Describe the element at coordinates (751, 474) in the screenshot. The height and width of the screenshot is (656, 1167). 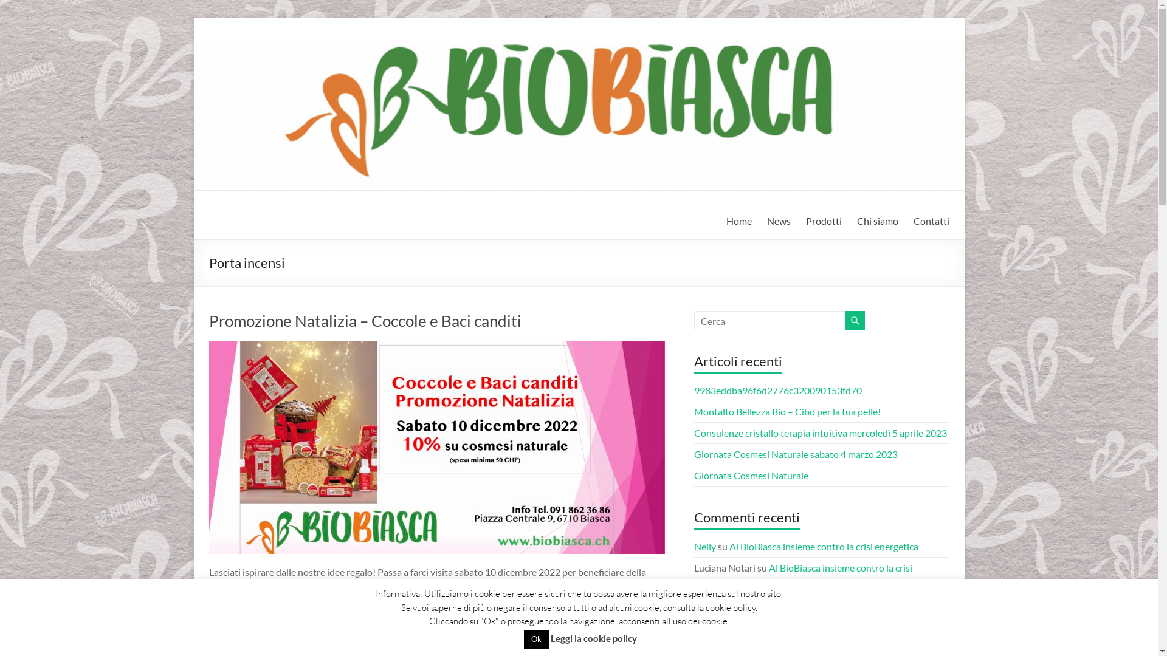
I see `'Giornata Cosmesi Naturale'` at that location.